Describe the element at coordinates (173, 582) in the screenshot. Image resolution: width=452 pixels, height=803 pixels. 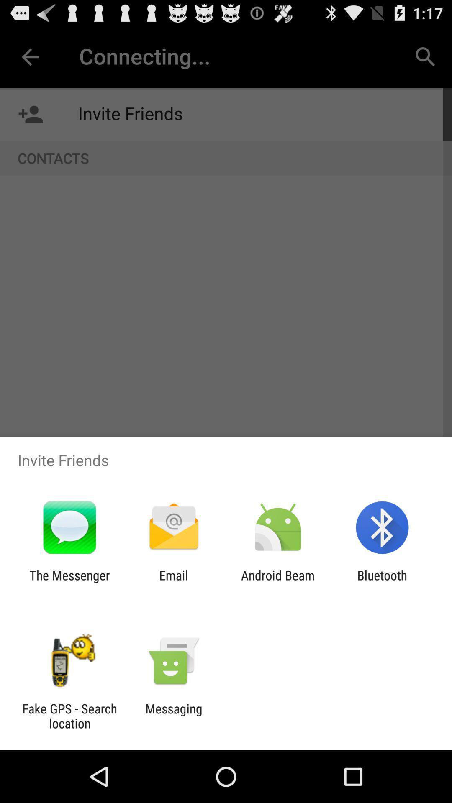
I see `the email icon` at that location.